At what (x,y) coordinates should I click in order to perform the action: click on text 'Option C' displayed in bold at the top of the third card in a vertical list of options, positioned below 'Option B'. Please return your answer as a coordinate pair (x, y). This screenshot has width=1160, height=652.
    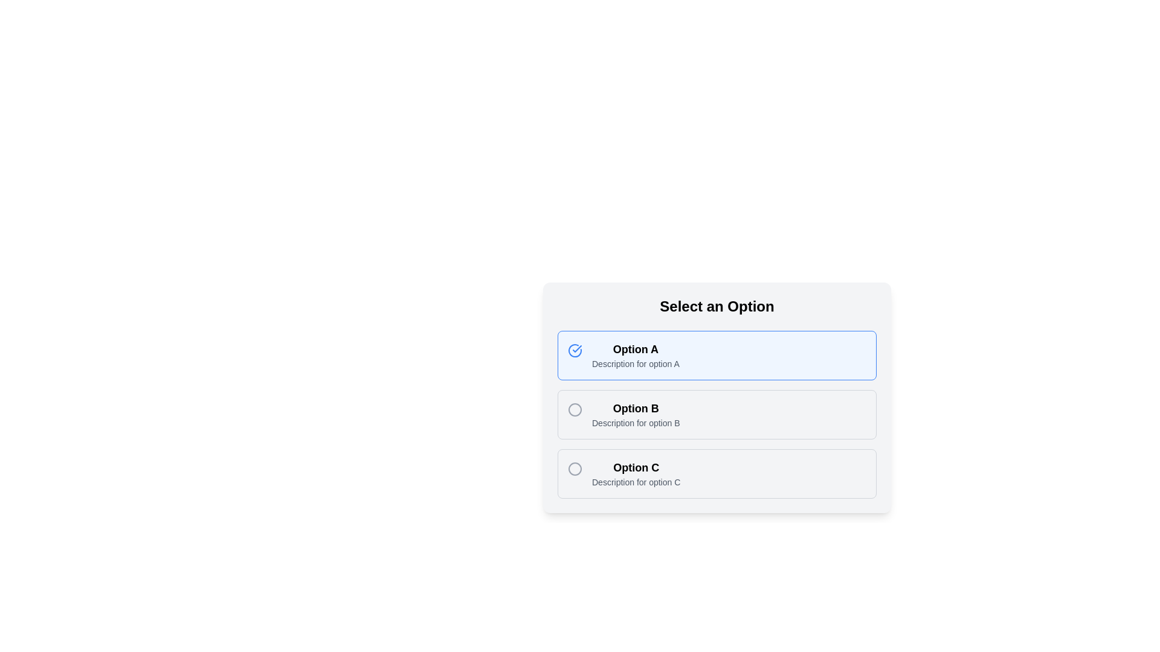
    Looking at the image, I should click on (636, 467).